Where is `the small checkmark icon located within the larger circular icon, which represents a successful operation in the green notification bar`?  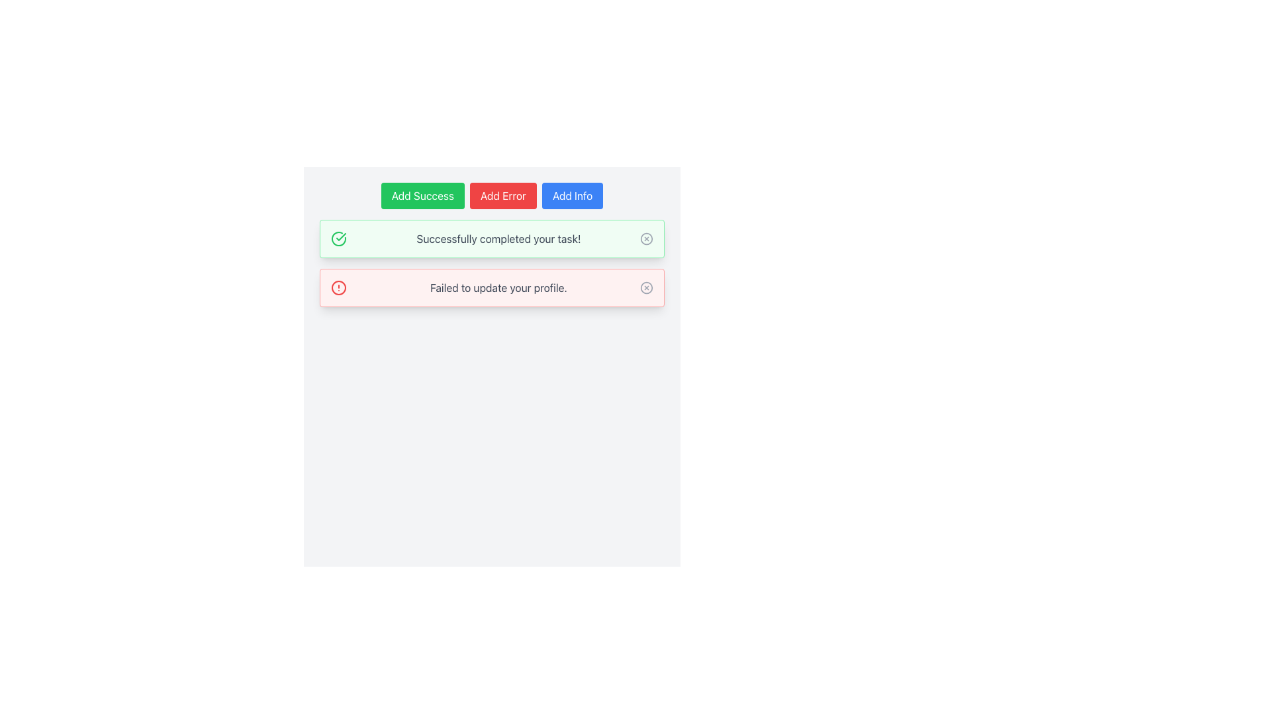 the small checkmark icon located within the larger circular icon, which represents a successful operation in the green notification bar is located at coordinates (341, 236).